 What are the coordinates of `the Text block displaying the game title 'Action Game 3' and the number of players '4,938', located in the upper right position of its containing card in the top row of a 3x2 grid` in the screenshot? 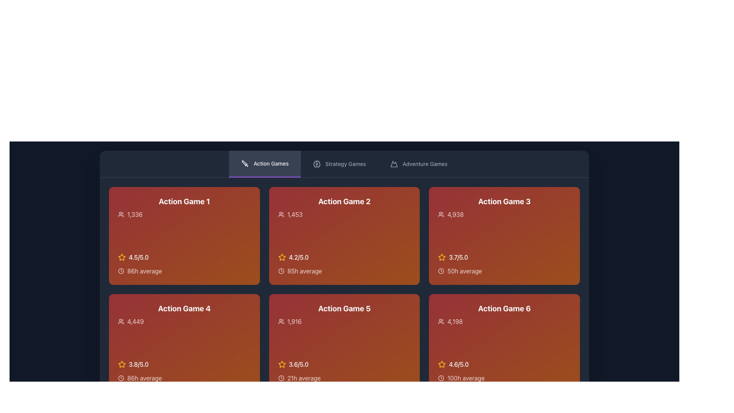 It's located at (504, 208).